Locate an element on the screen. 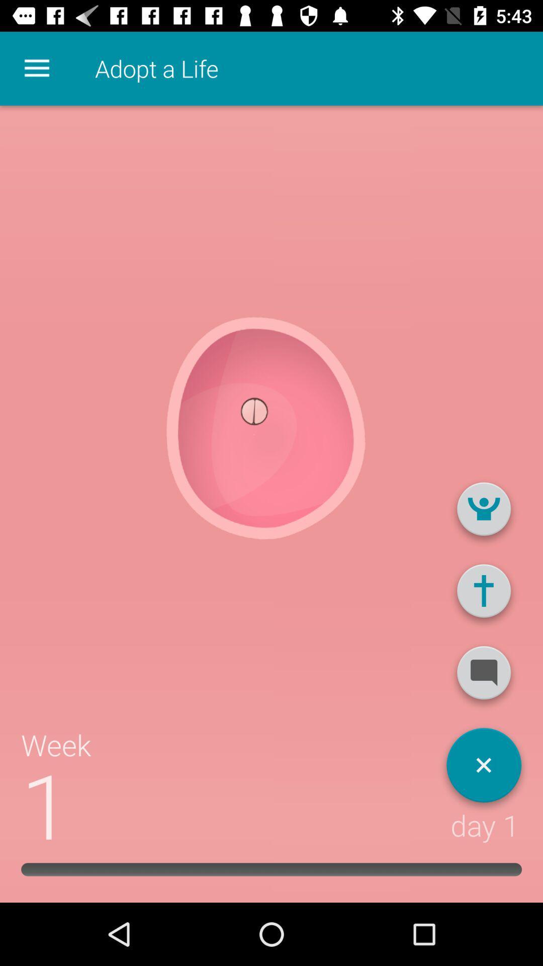 Image resolution: width=543 pixels, height=966 pixels. app is located at coordinates (483, 768).